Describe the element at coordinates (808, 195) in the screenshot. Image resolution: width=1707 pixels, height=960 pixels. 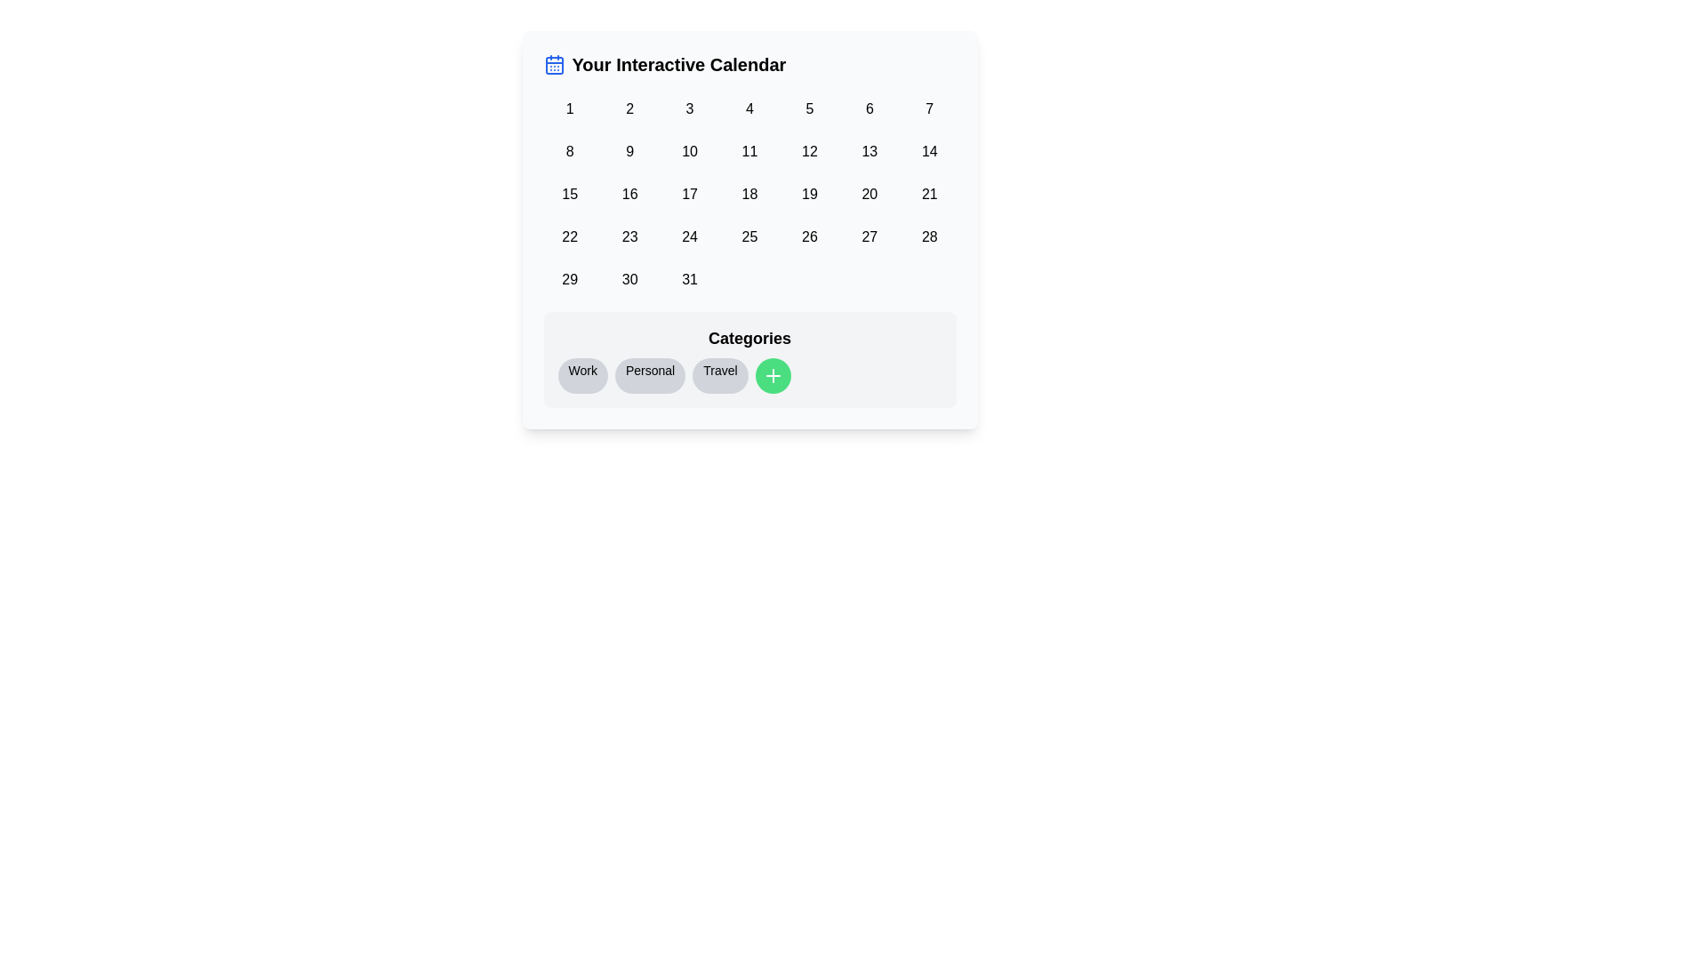
I see `the button` at that location.